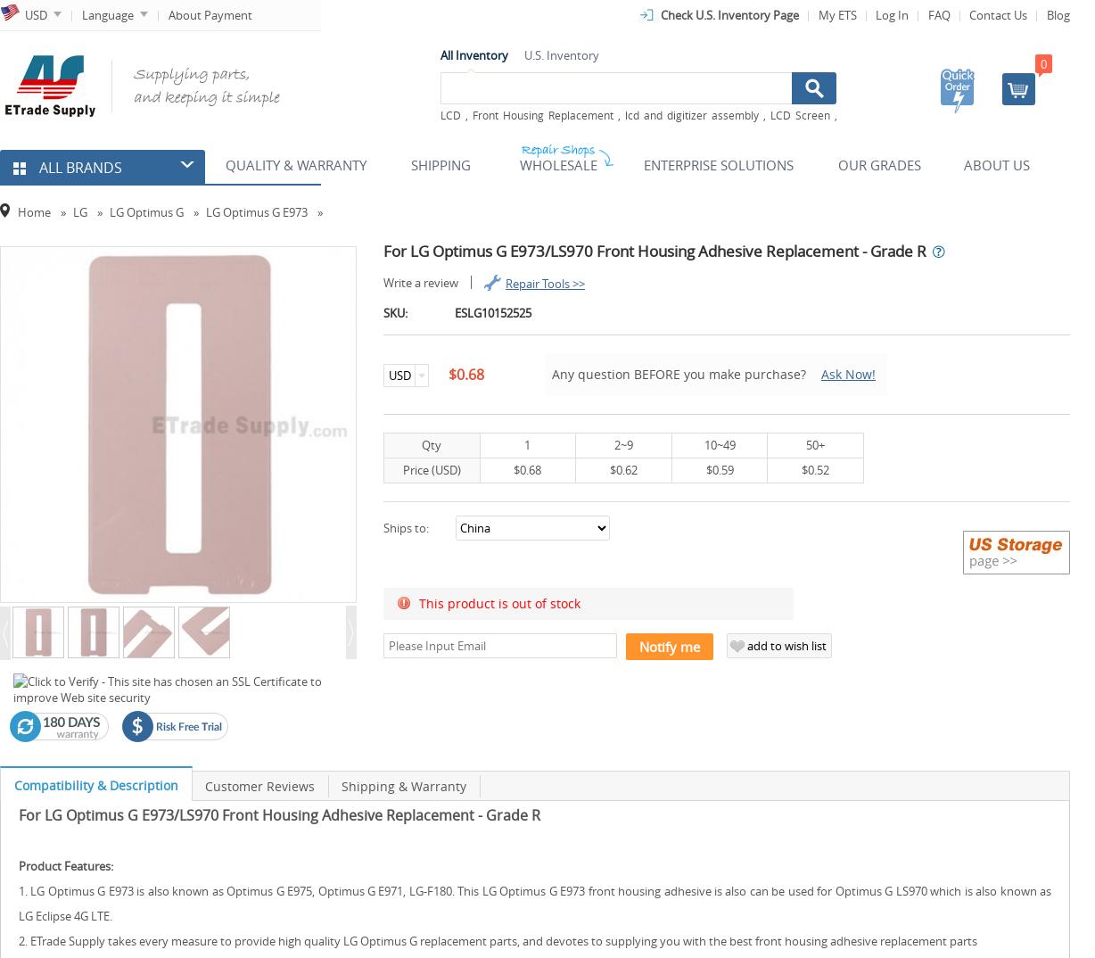 Image resolution: width=1095 pixels, height=958 pixels. Describe the element at coordinates (500, 136) in the screenshot. I see `'replacement lcd display'` at that location.